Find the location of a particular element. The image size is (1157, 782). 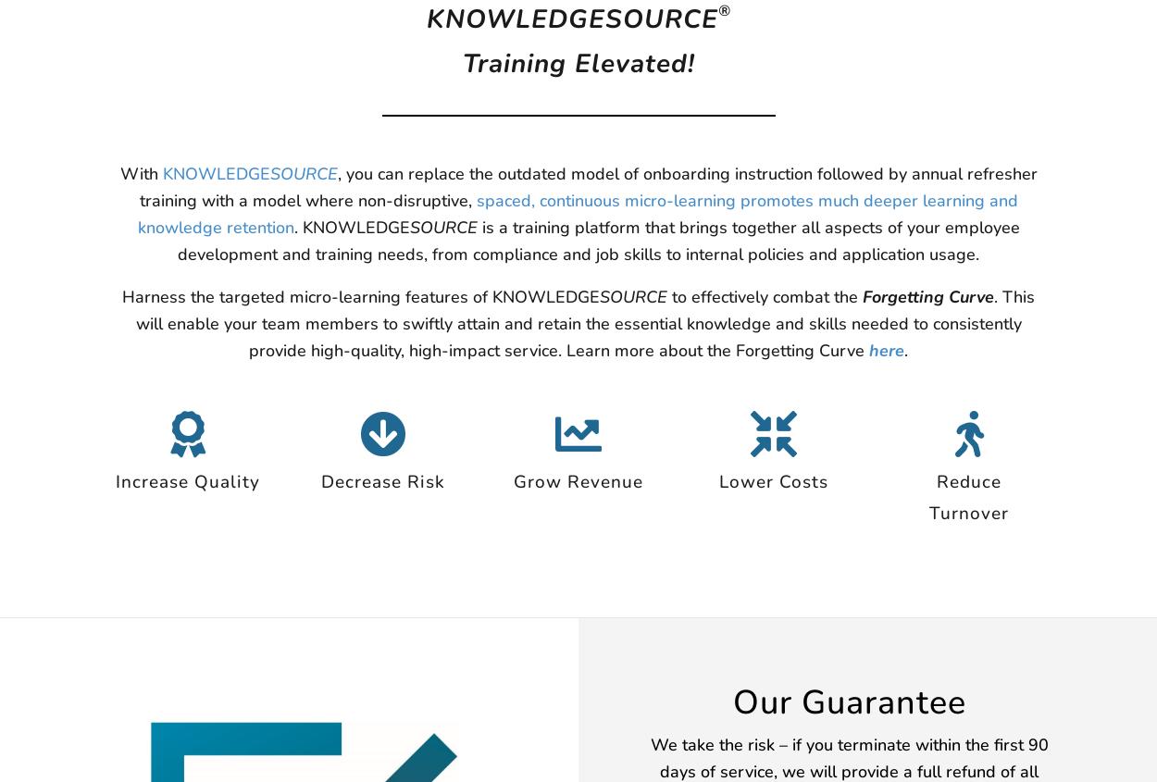

'Forgetting Curve' is located at coordinates (928, 297).